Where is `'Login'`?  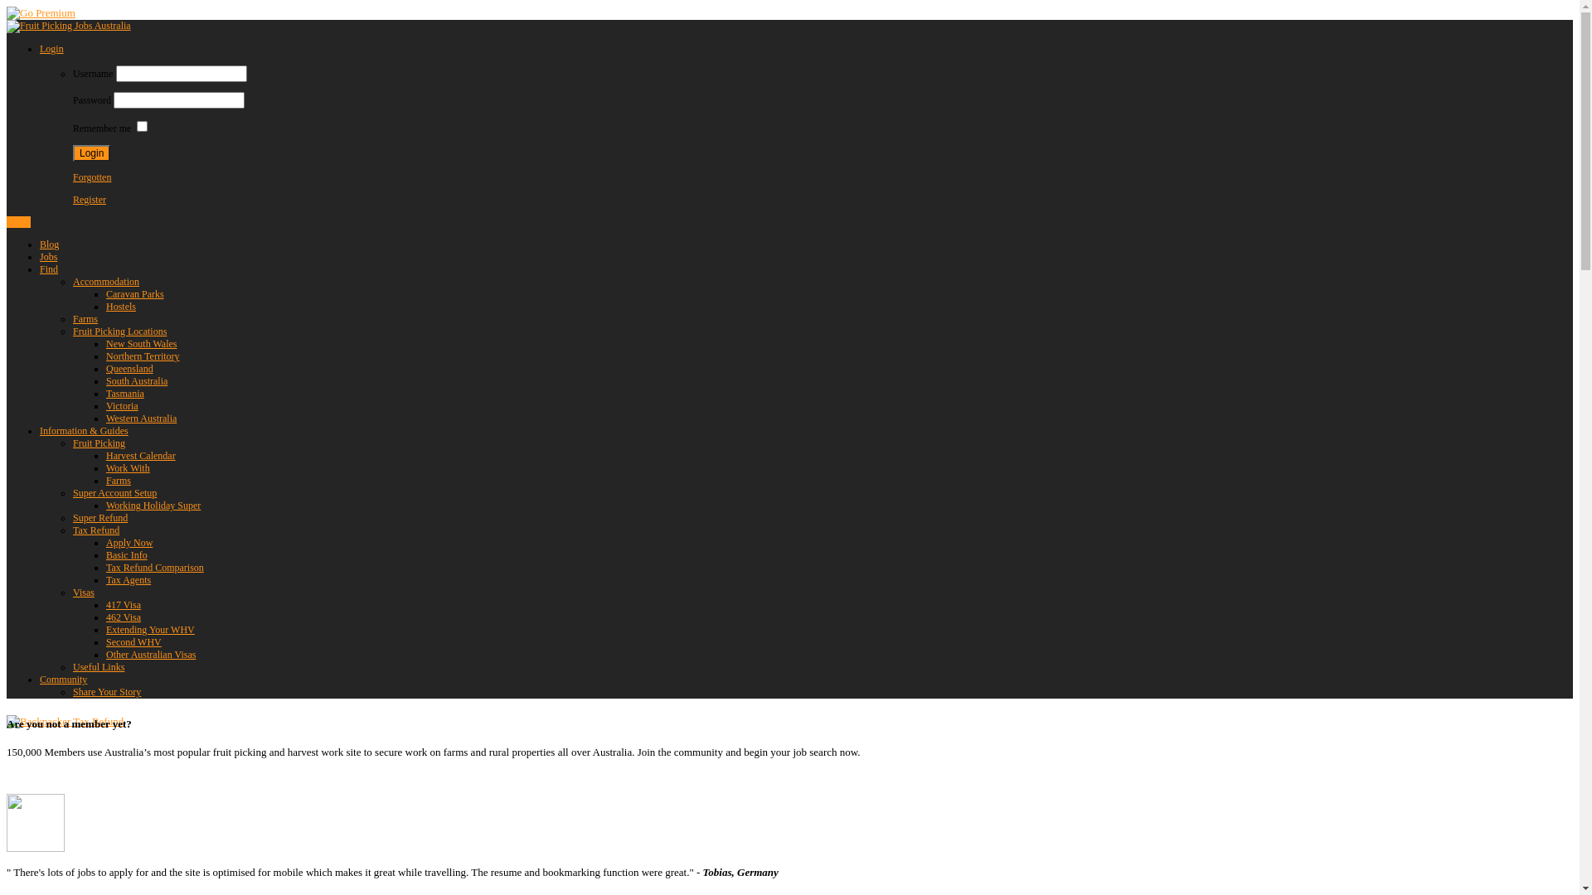 'Login' is located at coordinates (7, 220).